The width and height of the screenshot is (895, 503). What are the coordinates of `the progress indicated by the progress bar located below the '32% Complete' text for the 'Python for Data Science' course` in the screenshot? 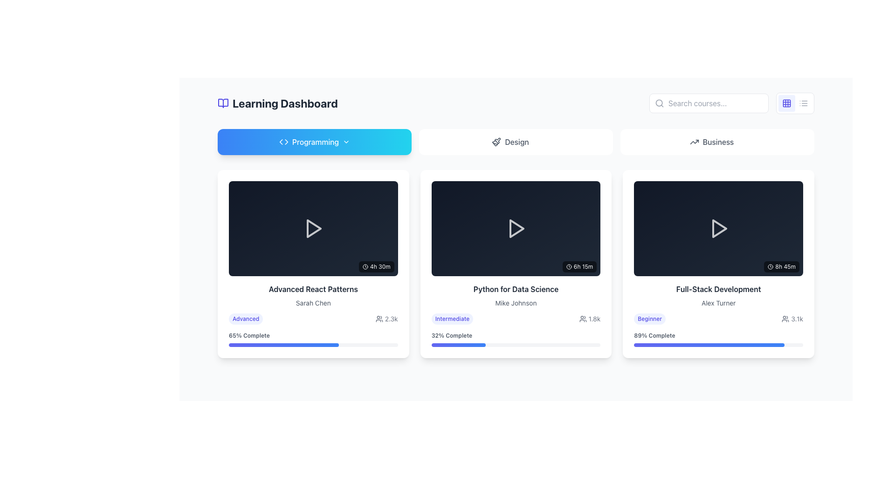 It's located at (516, 345).